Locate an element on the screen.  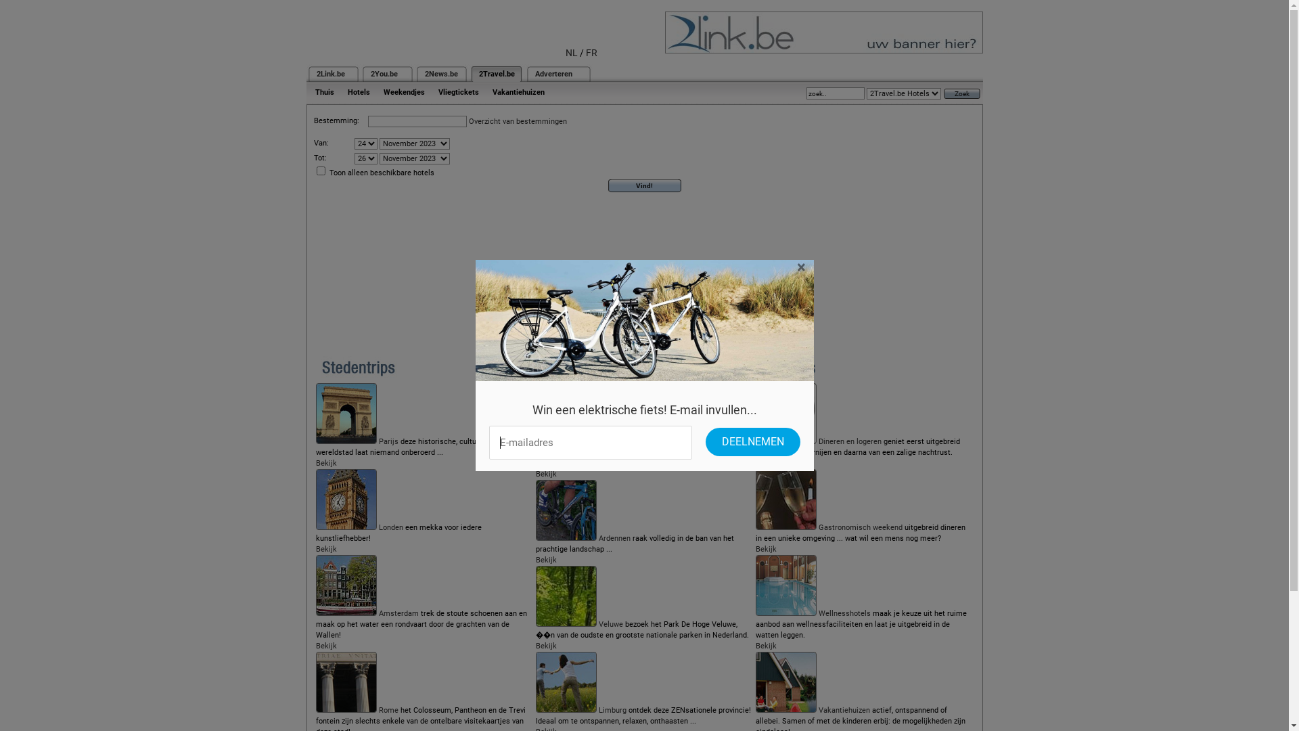
'Adverteren' is located at coordinates (534, 74).